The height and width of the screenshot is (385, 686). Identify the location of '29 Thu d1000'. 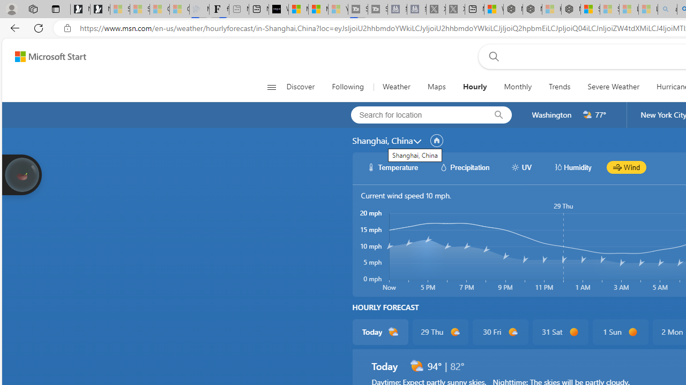
(440, 332).